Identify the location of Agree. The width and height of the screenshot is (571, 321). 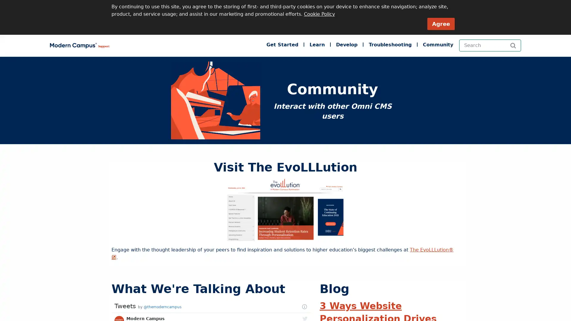
(441, 23).